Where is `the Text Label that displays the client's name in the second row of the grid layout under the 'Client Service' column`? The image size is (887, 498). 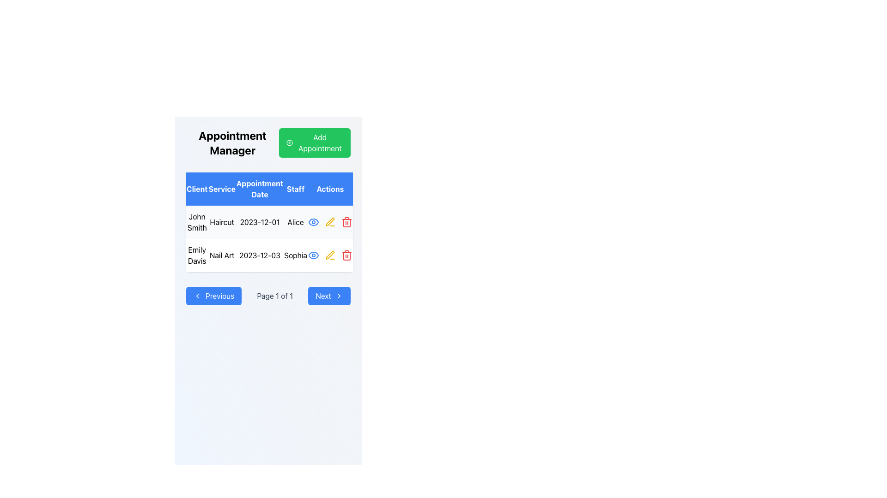
the Text Label that displays the client's name in the second row of the grid layout under the 'Client Service' column is located at coordinates (196, 255).